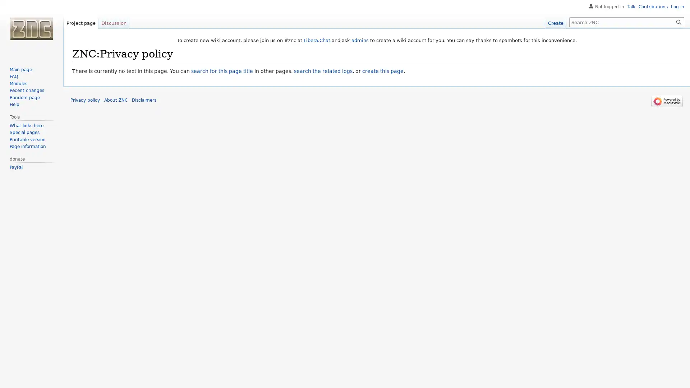 The height and width of the screenshot is (388, 690). I want to click on Search, so click(678, 22).